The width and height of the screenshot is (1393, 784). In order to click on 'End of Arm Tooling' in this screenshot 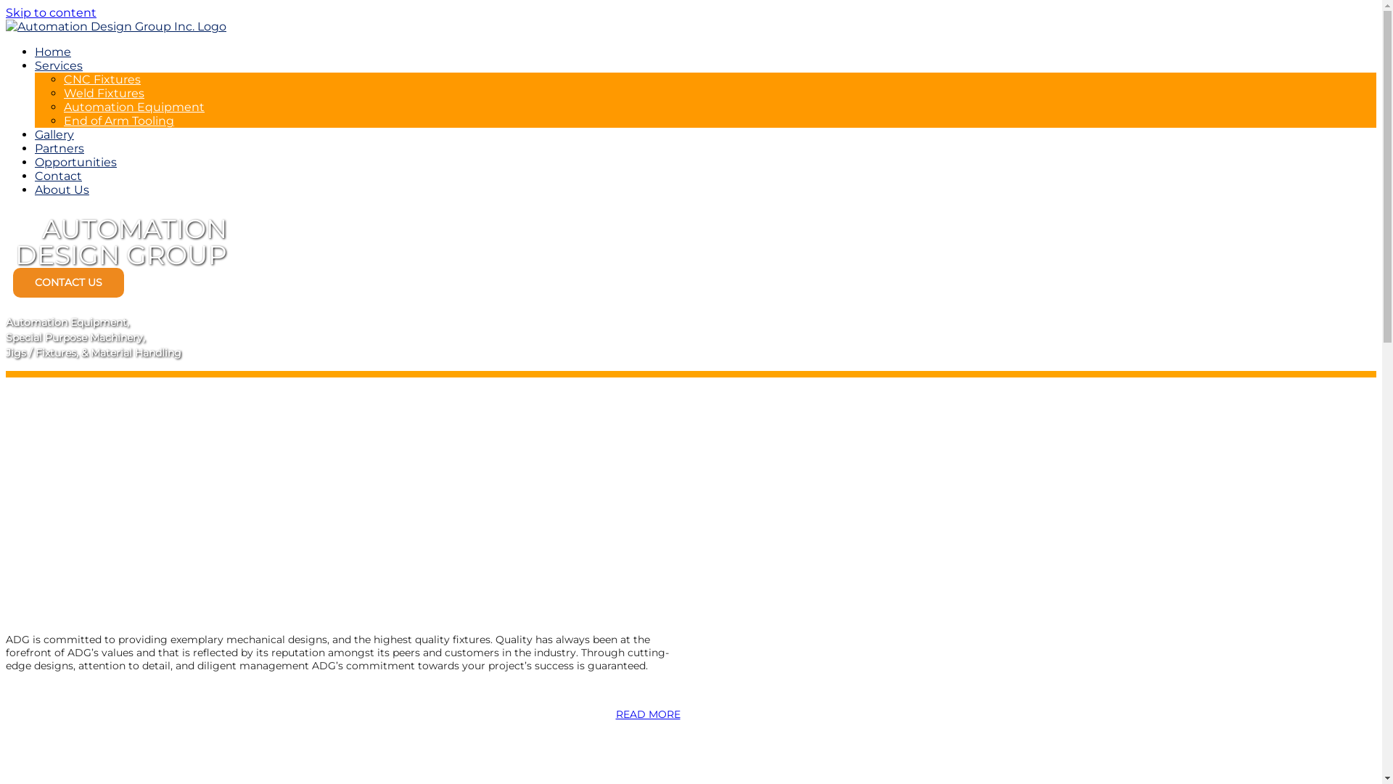, I will do `click(118, 120)`.